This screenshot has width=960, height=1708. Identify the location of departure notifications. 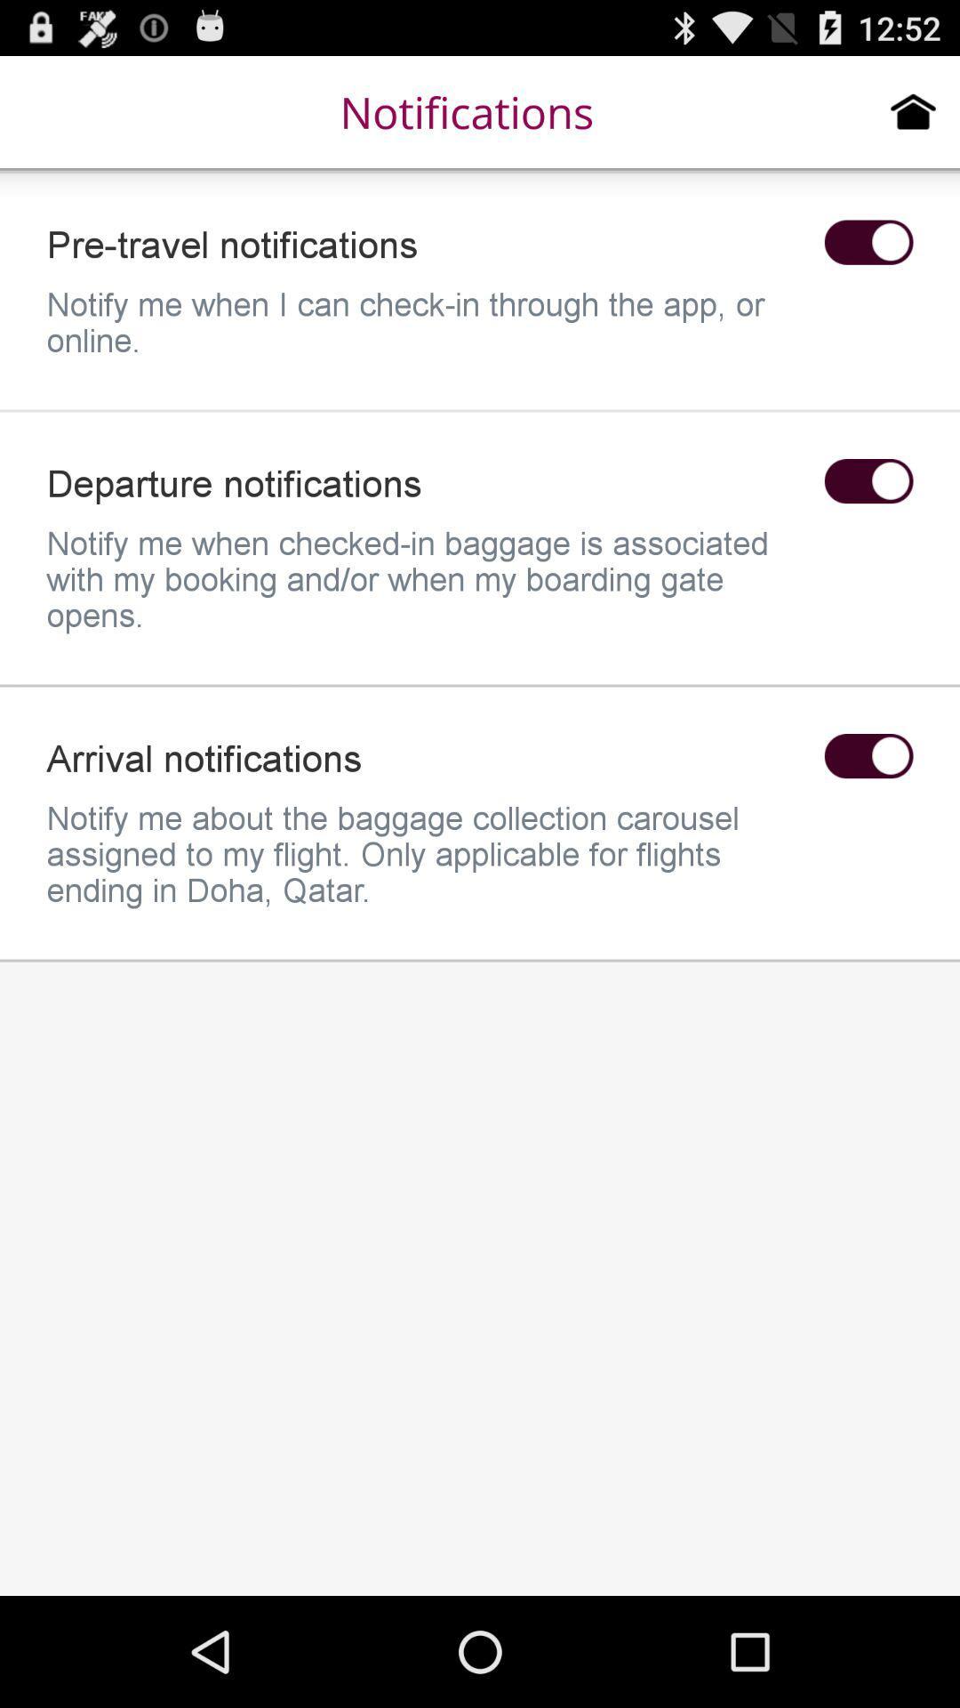
(868, 481).